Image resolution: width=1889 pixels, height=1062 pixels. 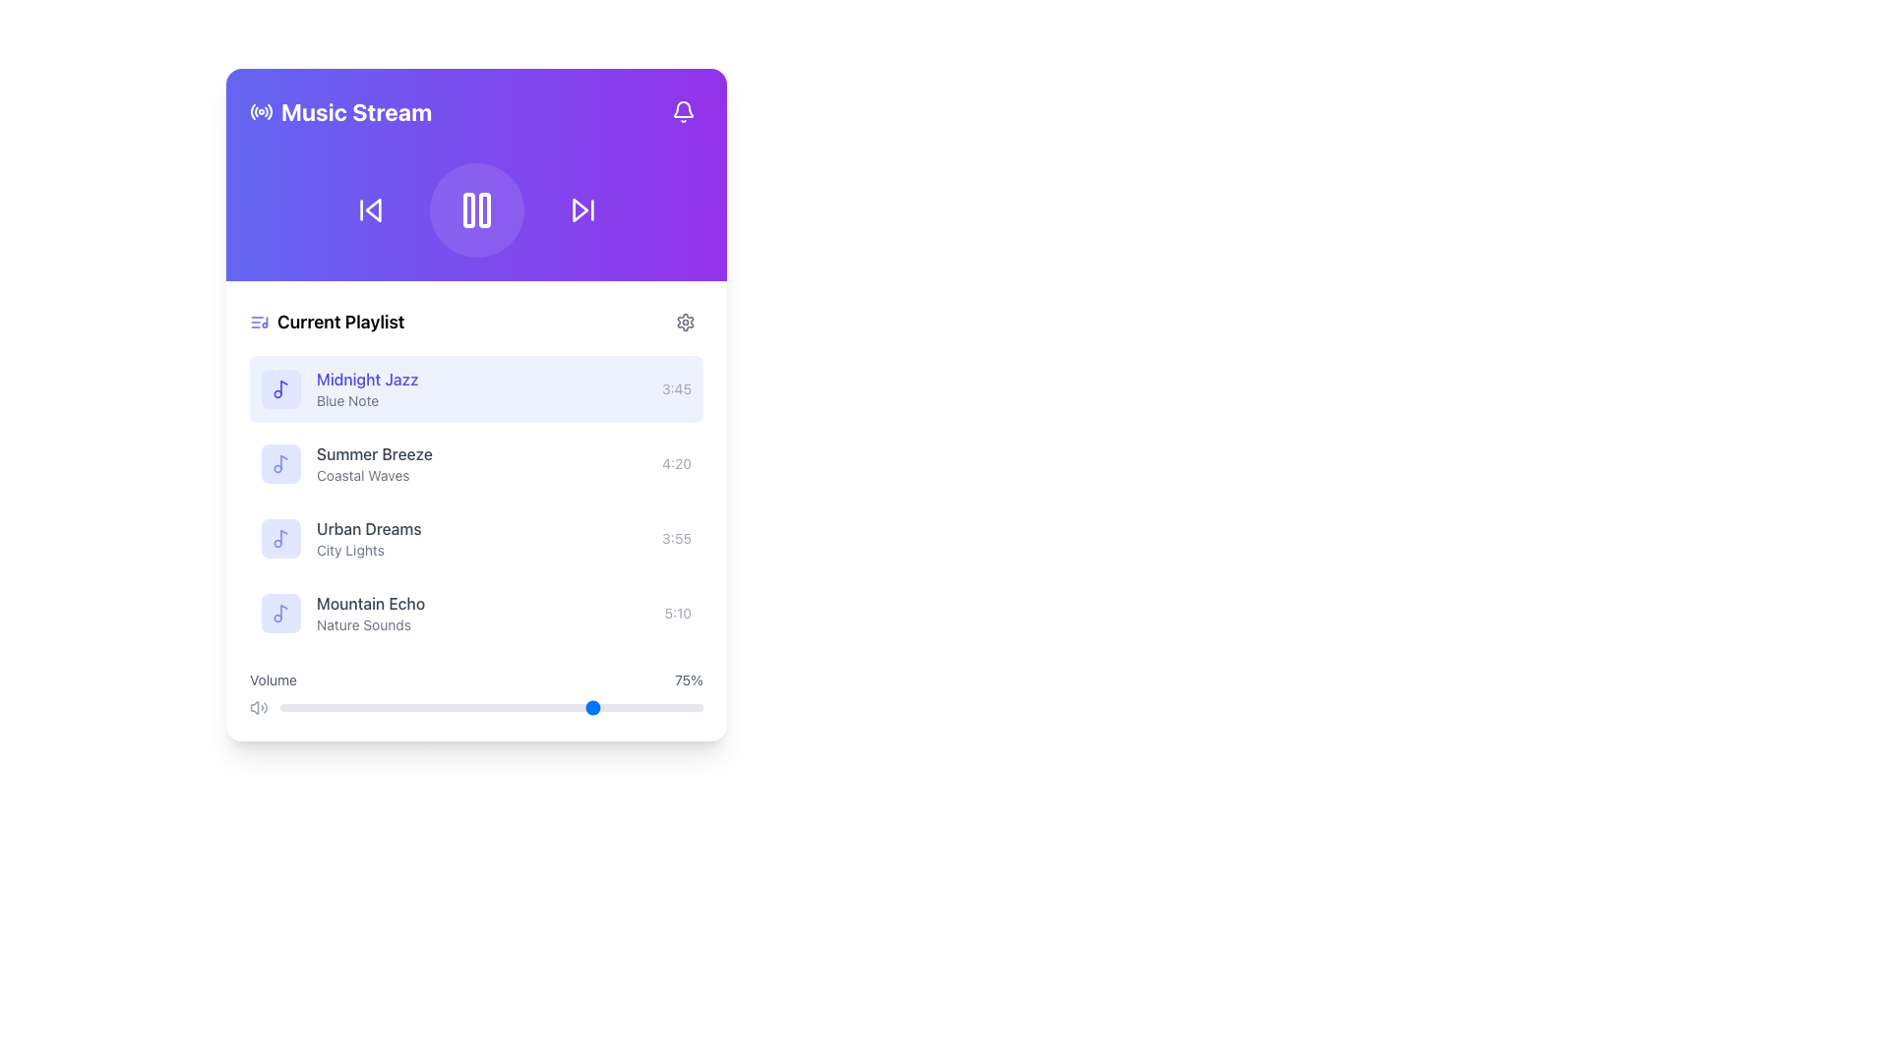 I want to click on the 'Music Stream' label which features bold white text and a radio transmission icon on a purple background, located at the top left corner of the application, so click(x=340, y=112).